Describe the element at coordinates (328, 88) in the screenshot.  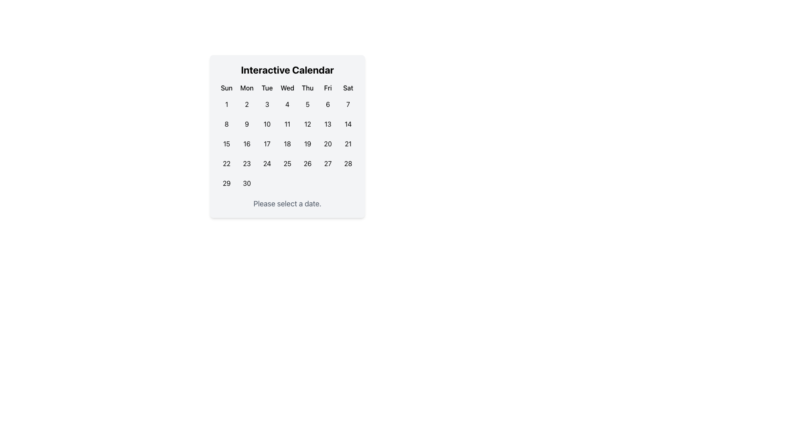
I see `the text label displaying 'Fri', which is the sixth day label in a row of seven day labels in a calendar interface` at that location.